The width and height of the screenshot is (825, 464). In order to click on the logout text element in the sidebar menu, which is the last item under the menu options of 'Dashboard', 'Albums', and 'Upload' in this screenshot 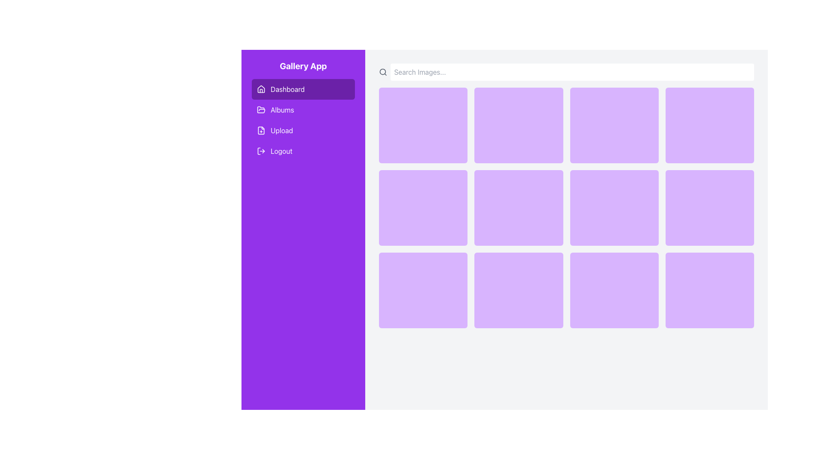, I will do `click(281, 150)`.